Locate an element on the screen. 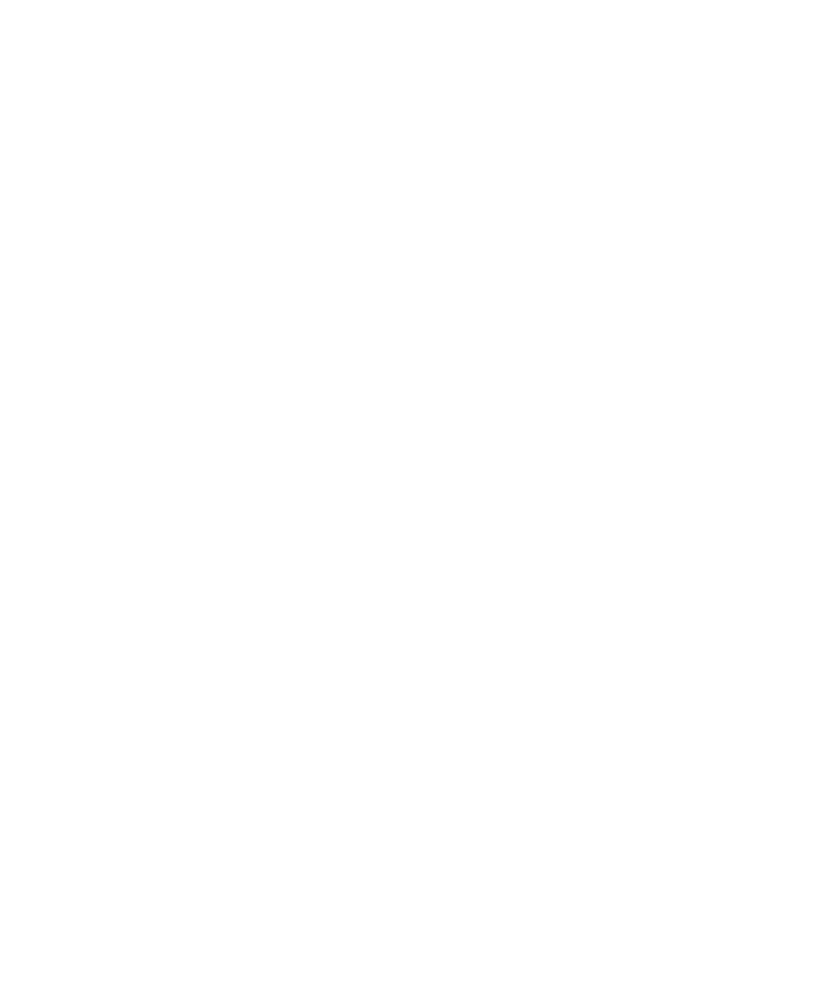 The height and width of the screenshot is (1002, 820). 'September 2018' is located at coordinates (142, 718).